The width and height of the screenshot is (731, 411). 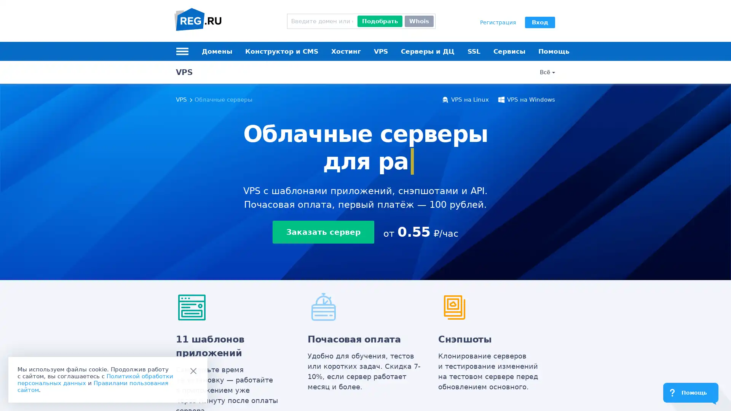 I want to click on Whois, so click(x=418, y=21).